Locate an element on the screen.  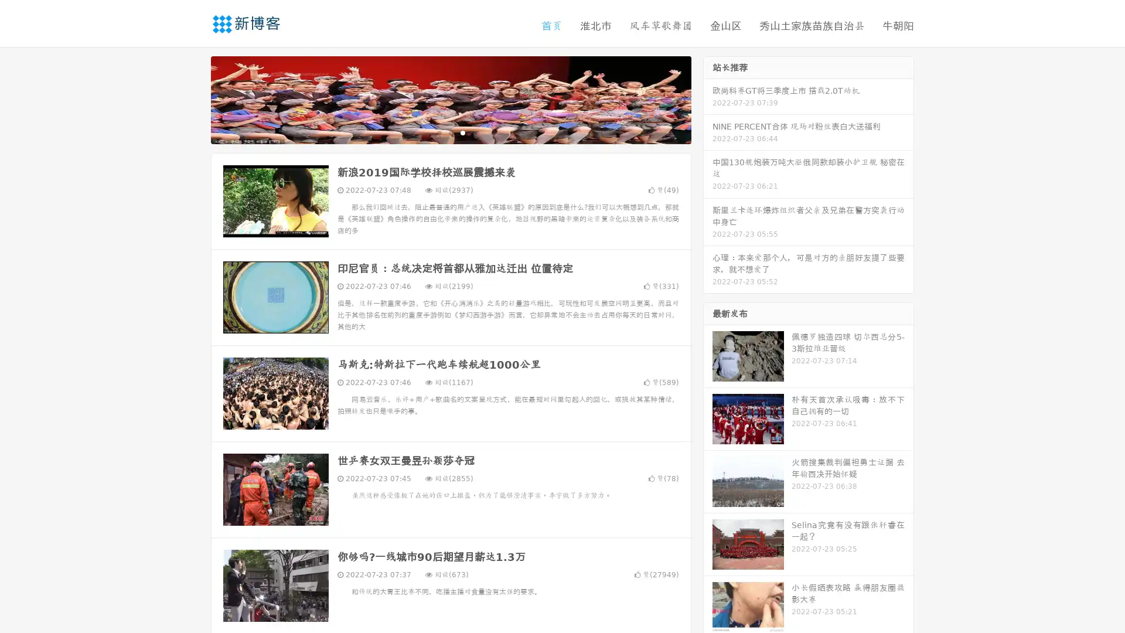
Go to slide 2 is located at coordinates (450, 132).